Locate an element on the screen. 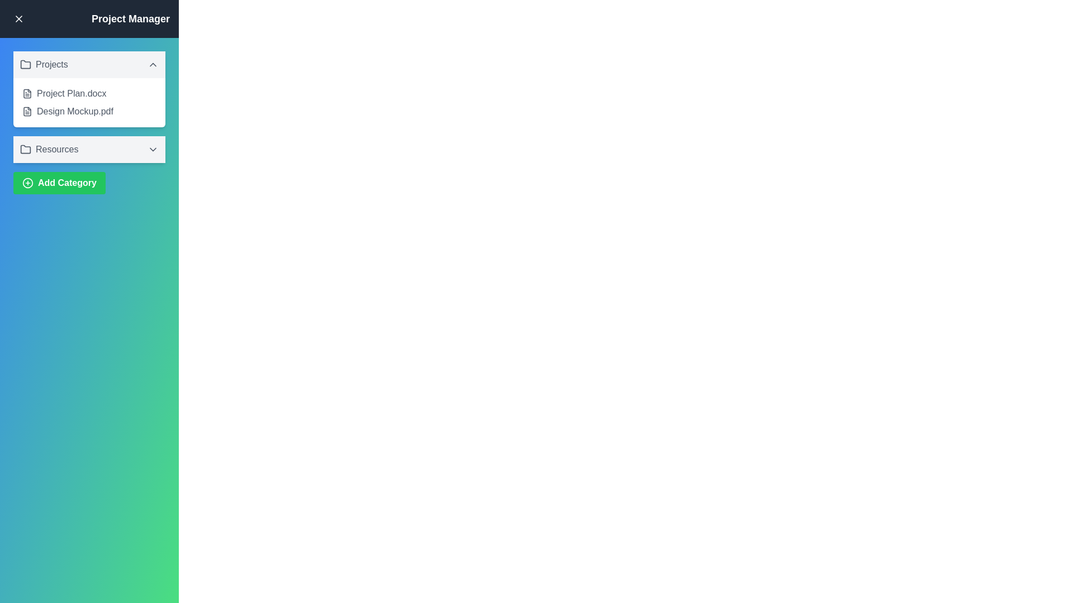  the Chevron Up icon in the sidebar is located at coordinates (152, 64).